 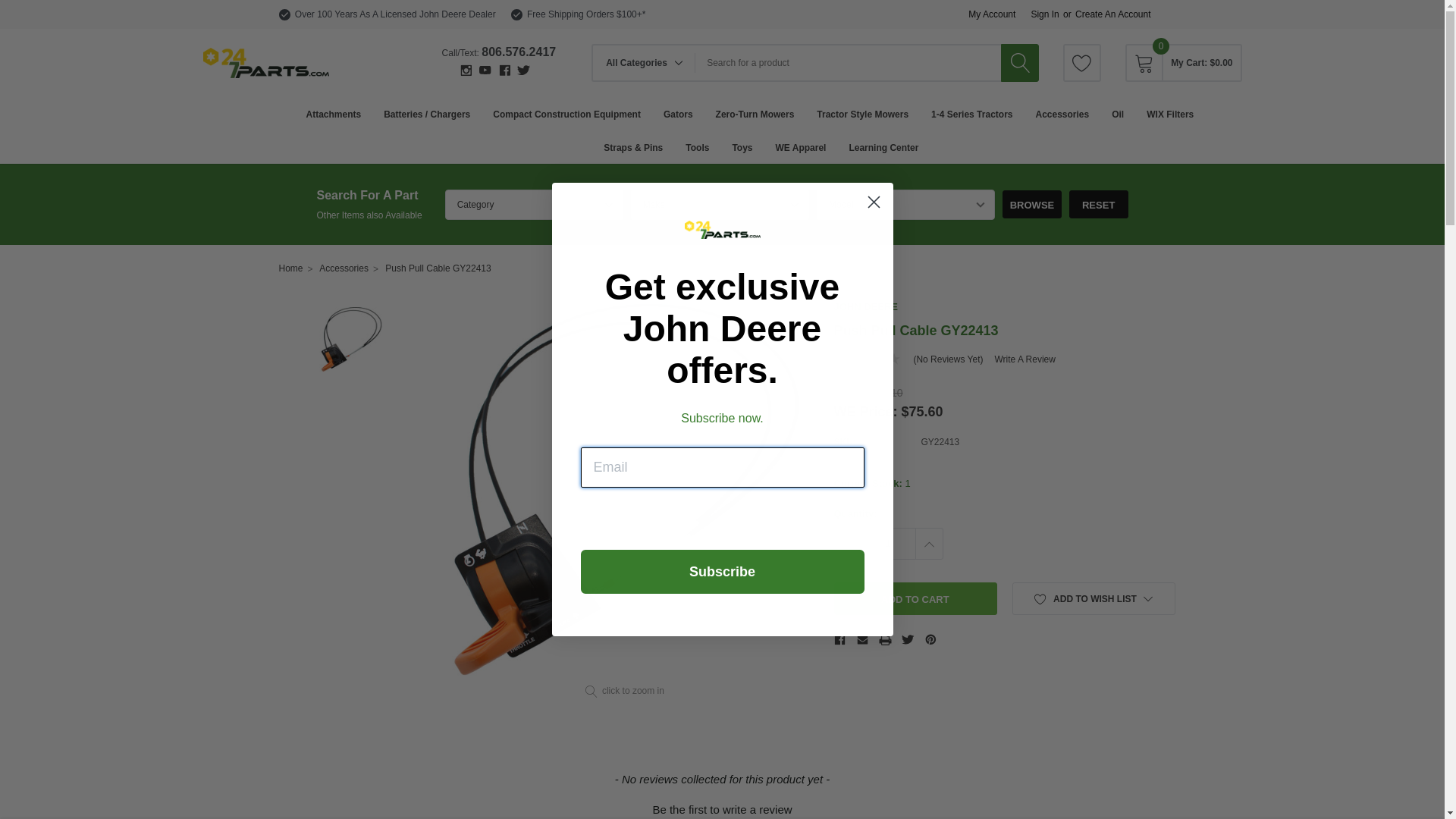 What do you see at coordinates (1112, 14) in the screenshot?
I see `'Create An Account'` at bounding box center [1112, 14].